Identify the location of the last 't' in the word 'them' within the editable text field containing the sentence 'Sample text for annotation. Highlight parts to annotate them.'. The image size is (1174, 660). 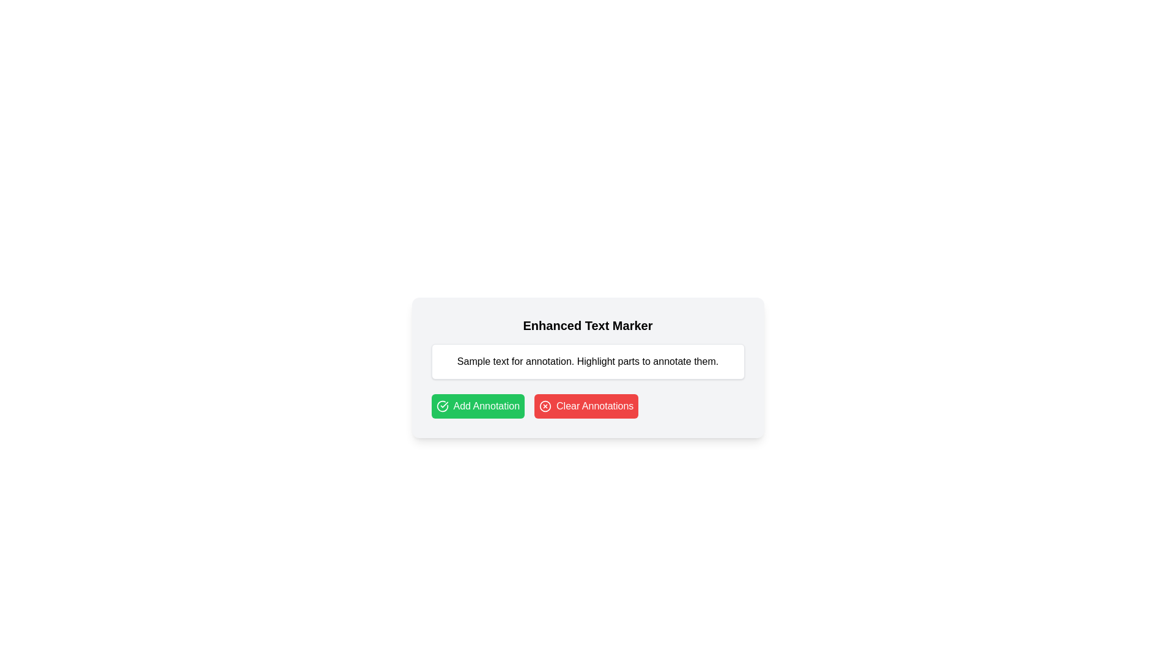
(695, 361).